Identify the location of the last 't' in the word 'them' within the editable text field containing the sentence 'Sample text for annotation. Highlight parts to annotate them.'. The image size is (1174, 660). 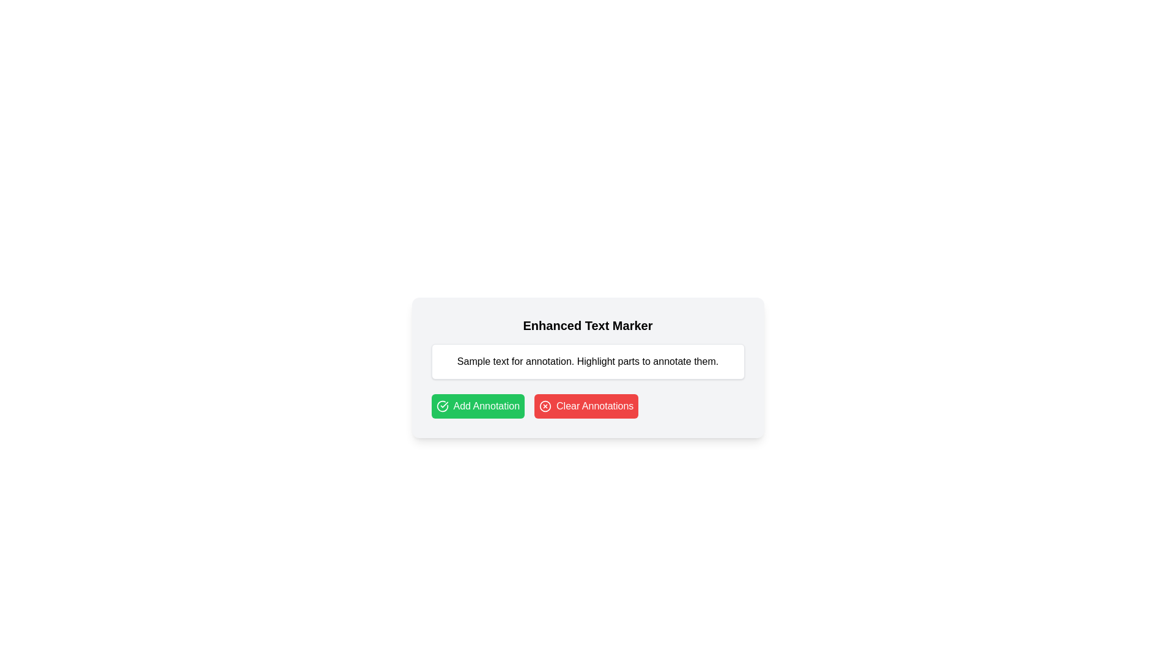
(695, 361).